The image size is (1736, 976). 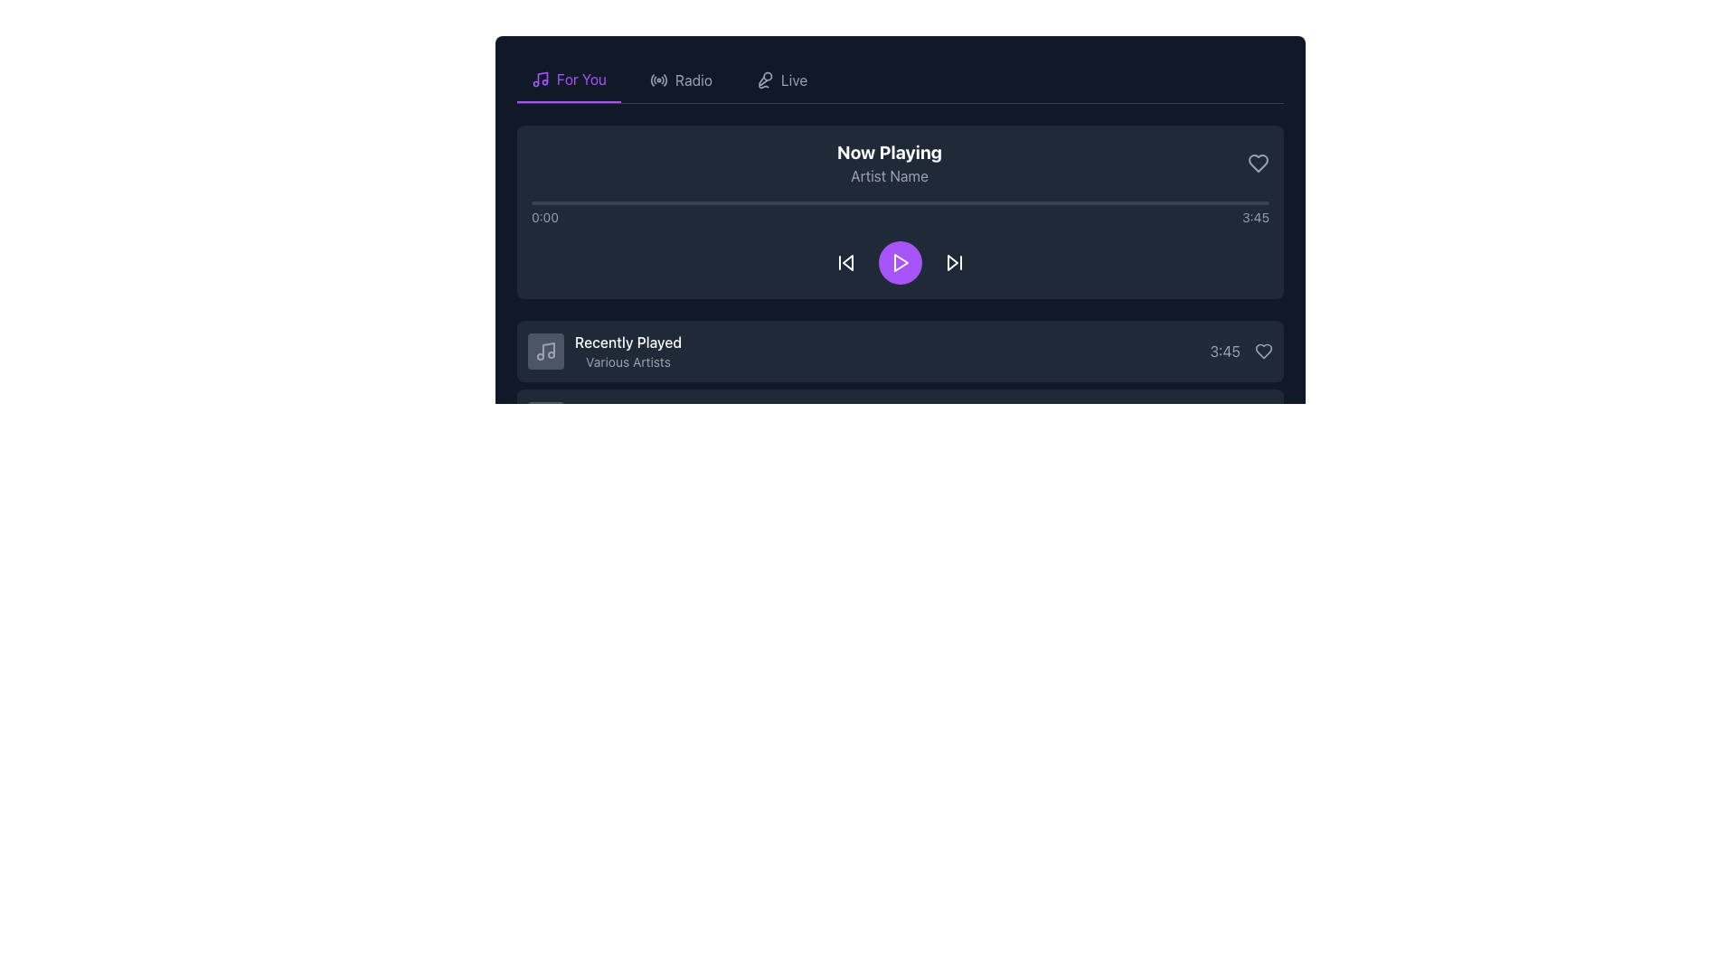 What do you see at coordinates (628, 362) in the screenshot?
I see `the static text element displaying 'Various Artists' in a small, gray font, located beneath 'Recently Played' and adjacent to a musical note icon` at bounding box center [628, 362].